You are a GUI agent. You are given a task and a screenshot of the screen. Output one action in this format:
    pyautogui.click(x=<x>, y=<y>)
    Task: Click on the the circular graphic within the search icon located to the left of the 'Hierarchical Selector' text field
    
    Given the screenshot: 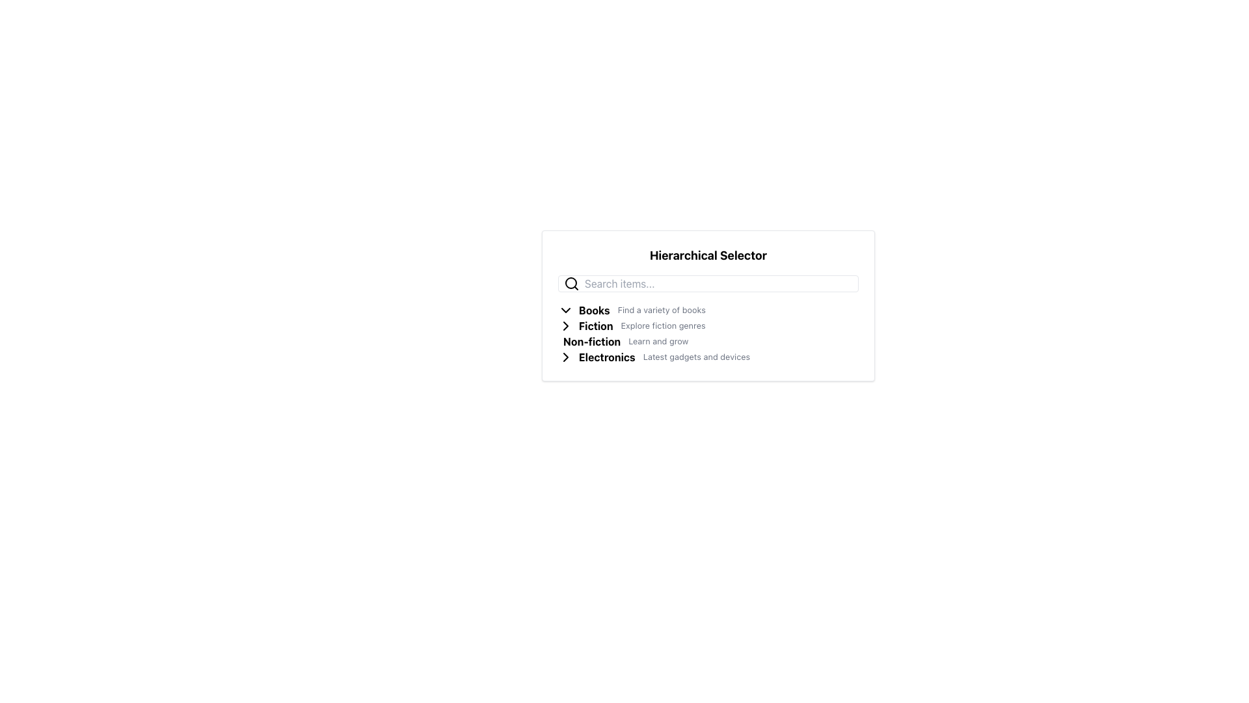 What is the action you would take?
    pyautogui.click(x=571, y=283)
    